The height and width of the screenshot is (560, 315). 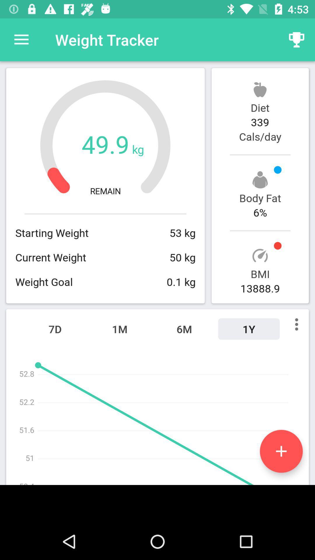 I want to click on the 1y, so click(x=249, y=329).